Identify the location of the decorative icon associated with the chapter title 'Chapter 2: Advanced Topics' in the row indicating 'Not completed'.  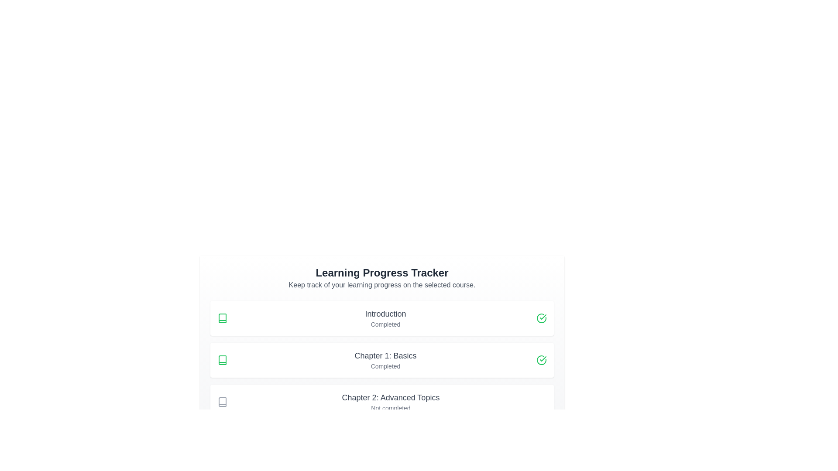
(222, 402).